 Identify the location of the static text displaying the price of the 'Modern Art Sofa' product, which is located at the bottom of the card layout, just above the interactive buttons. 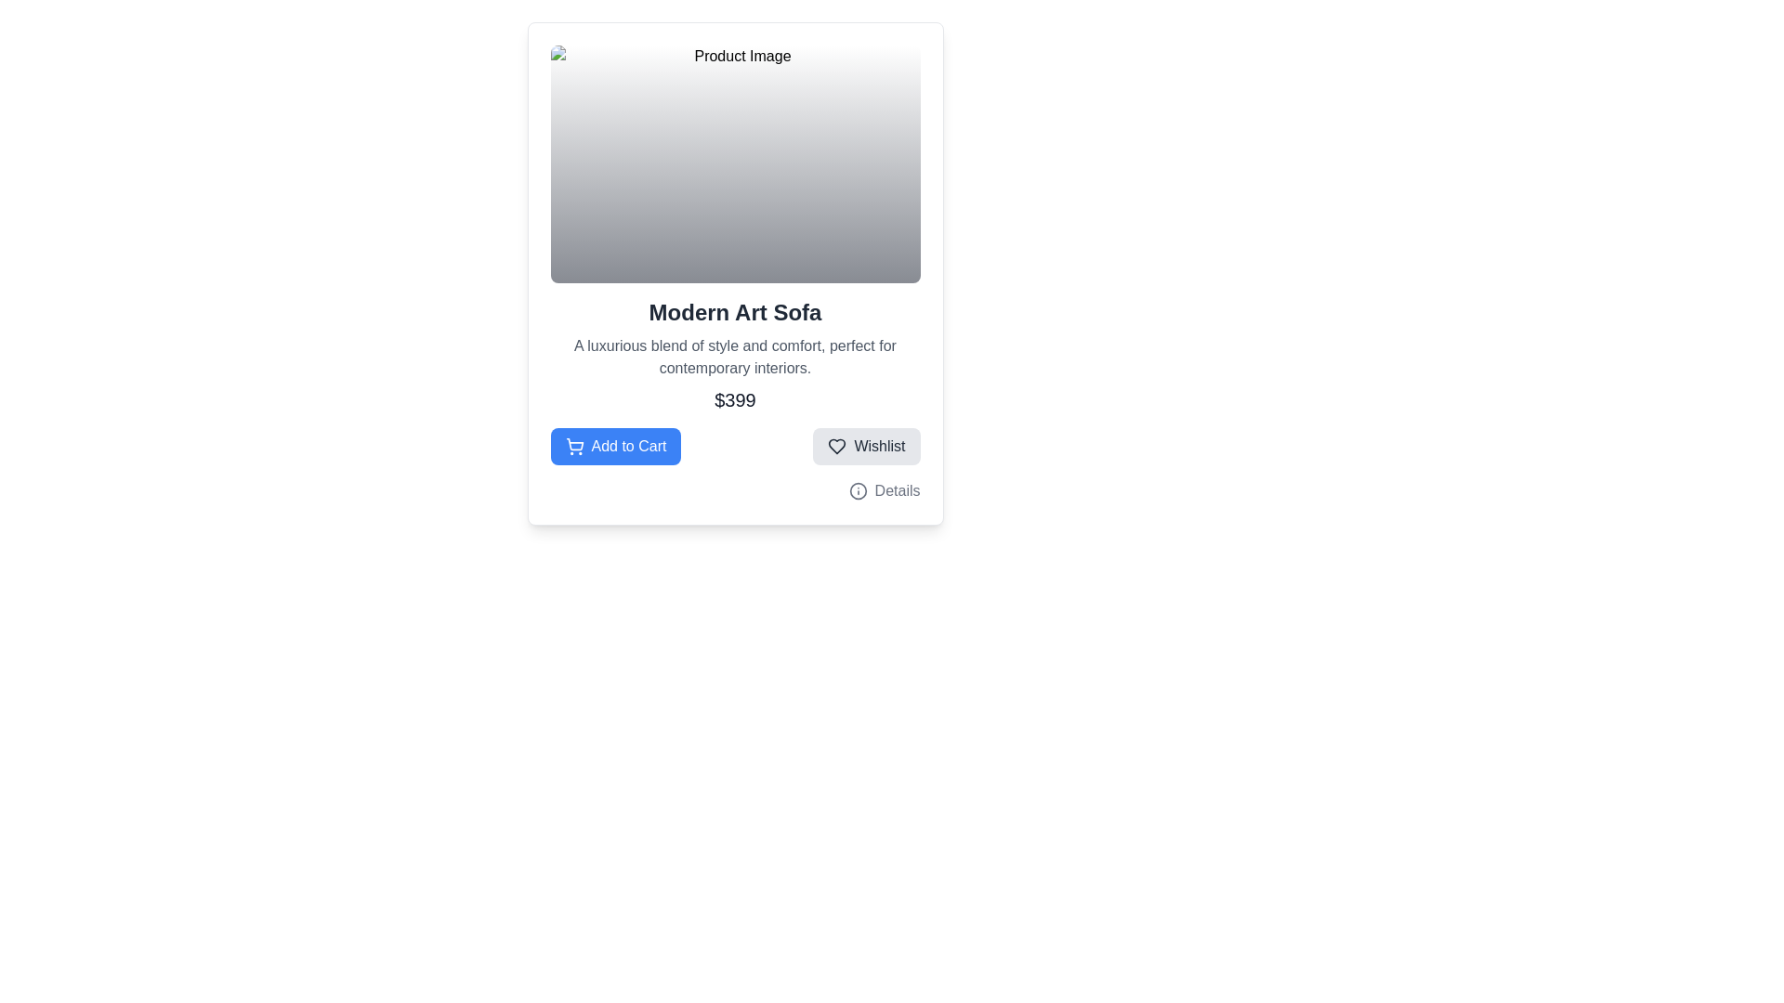
(734, 399).